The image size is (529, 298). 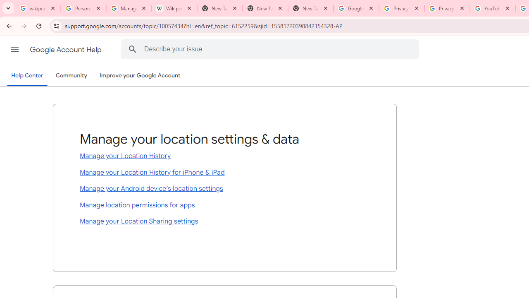 I want to click on 'New Tab', so click(x=265, y=8).